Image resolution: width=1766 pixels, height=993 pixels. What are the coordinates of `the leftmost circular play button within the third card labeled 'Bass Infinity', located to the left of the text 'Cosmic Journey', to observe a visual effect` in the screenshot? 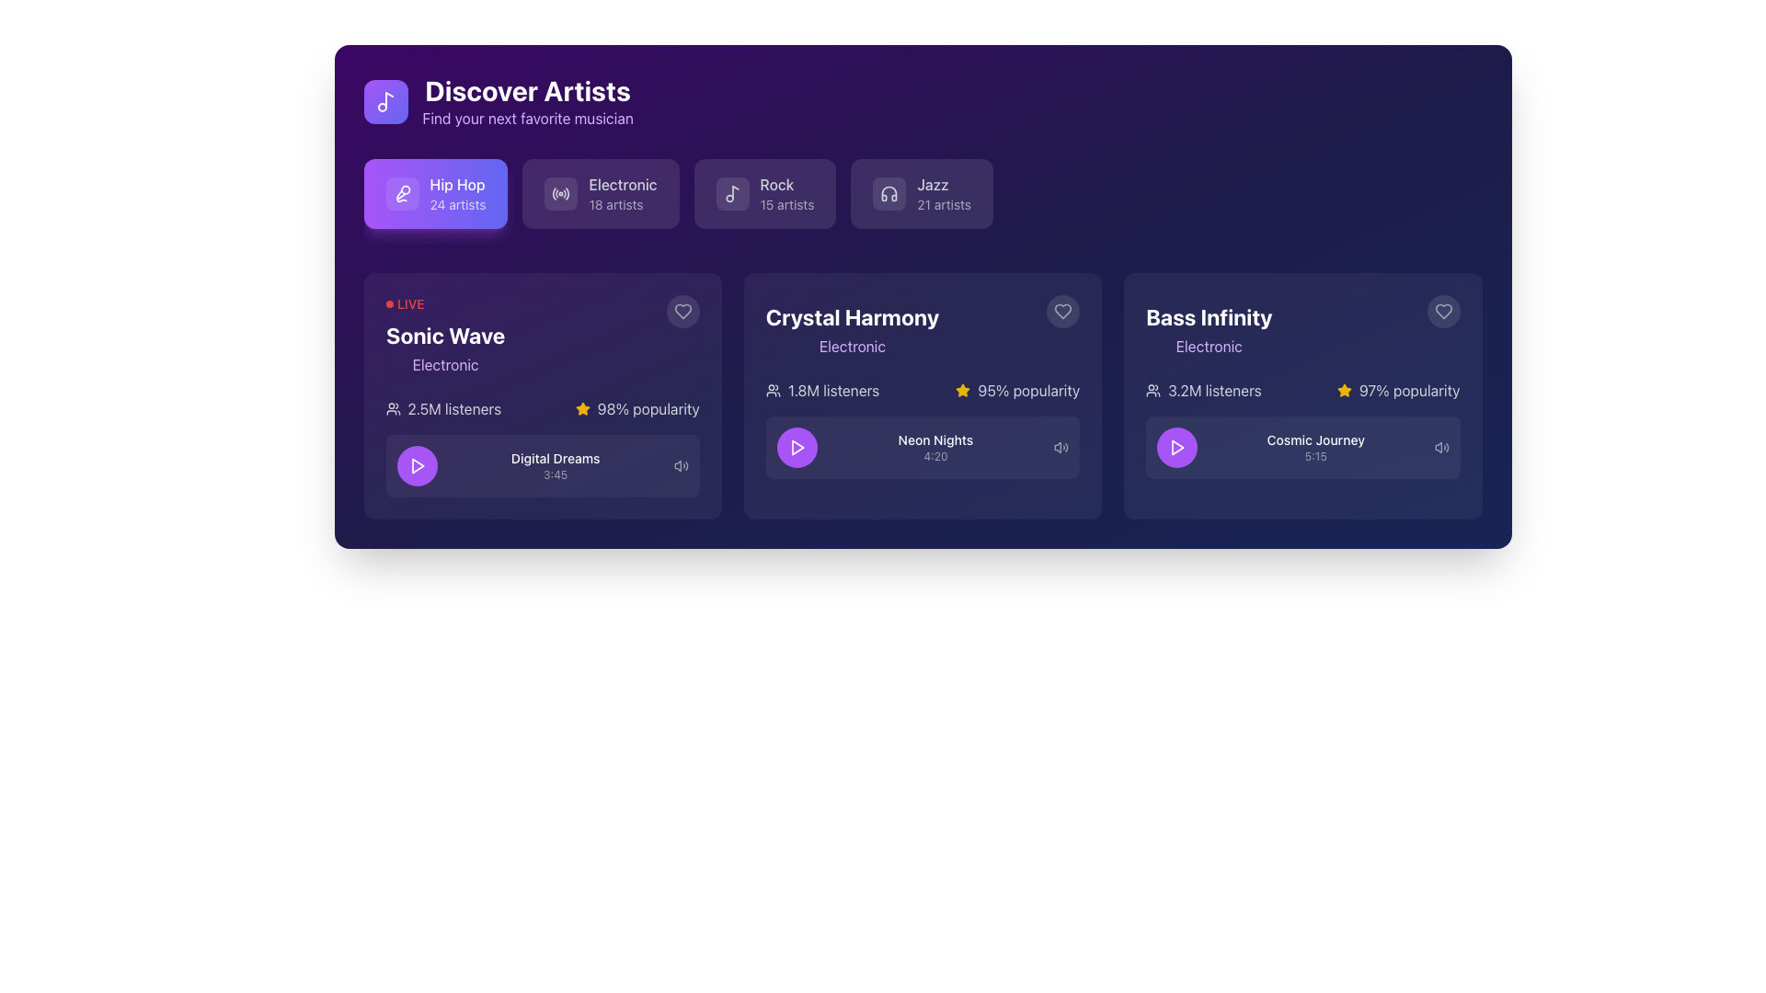 It's located at (1177, 447).